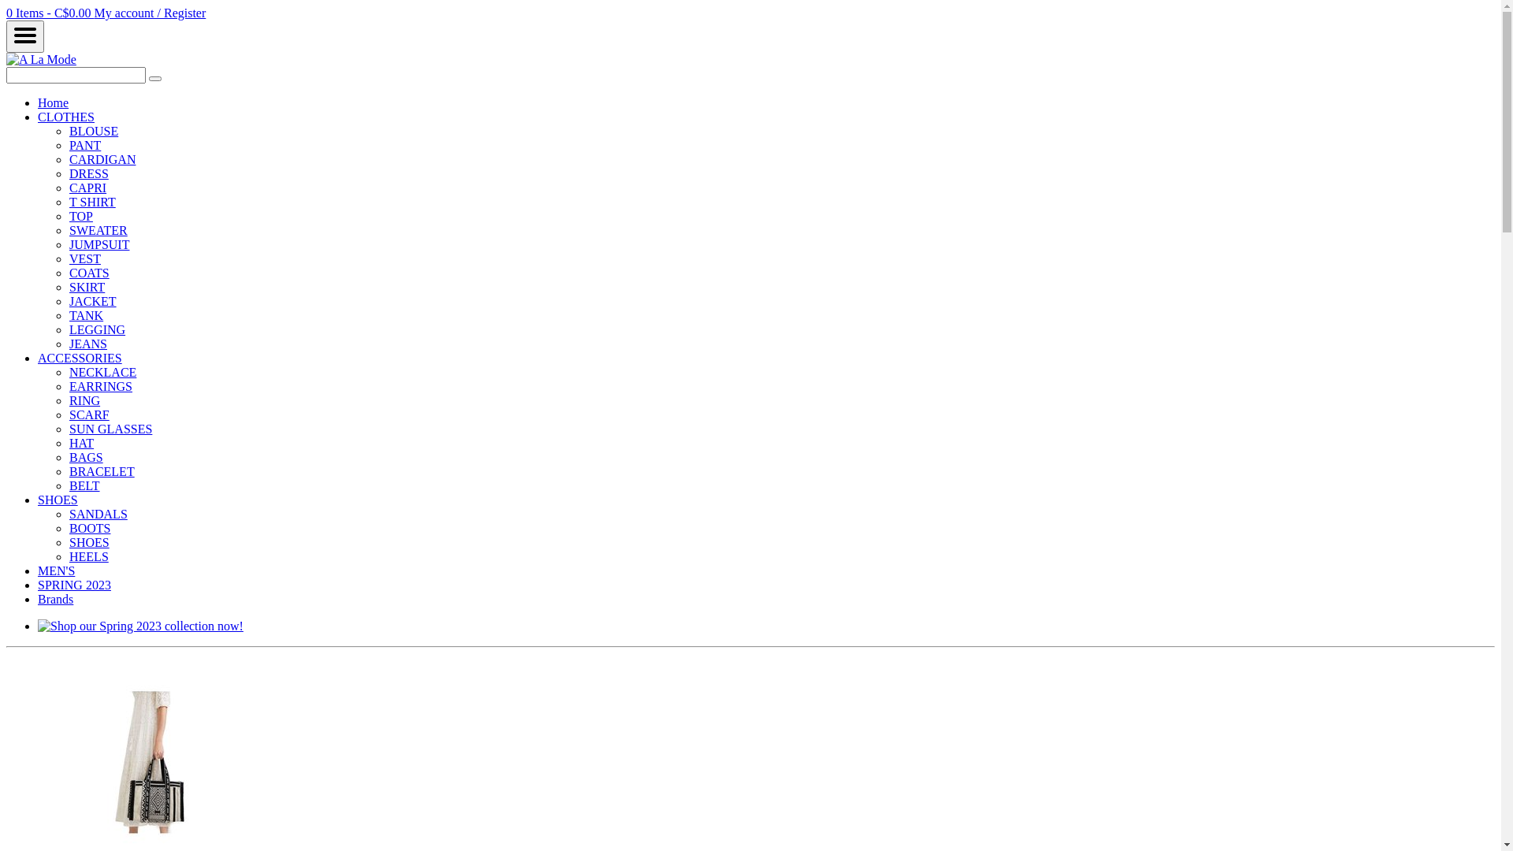  What do you see at coordinates (84, 399) in the screenshot?
I see `'RING'` at bounding box center [84, 399].